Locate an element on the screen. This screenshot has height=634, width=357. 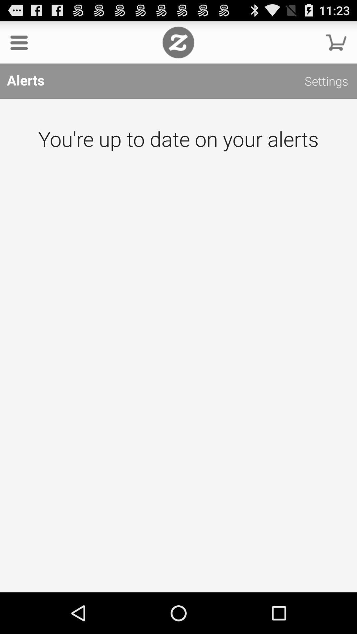
continue with shopping is located at coordinates (336, 42).